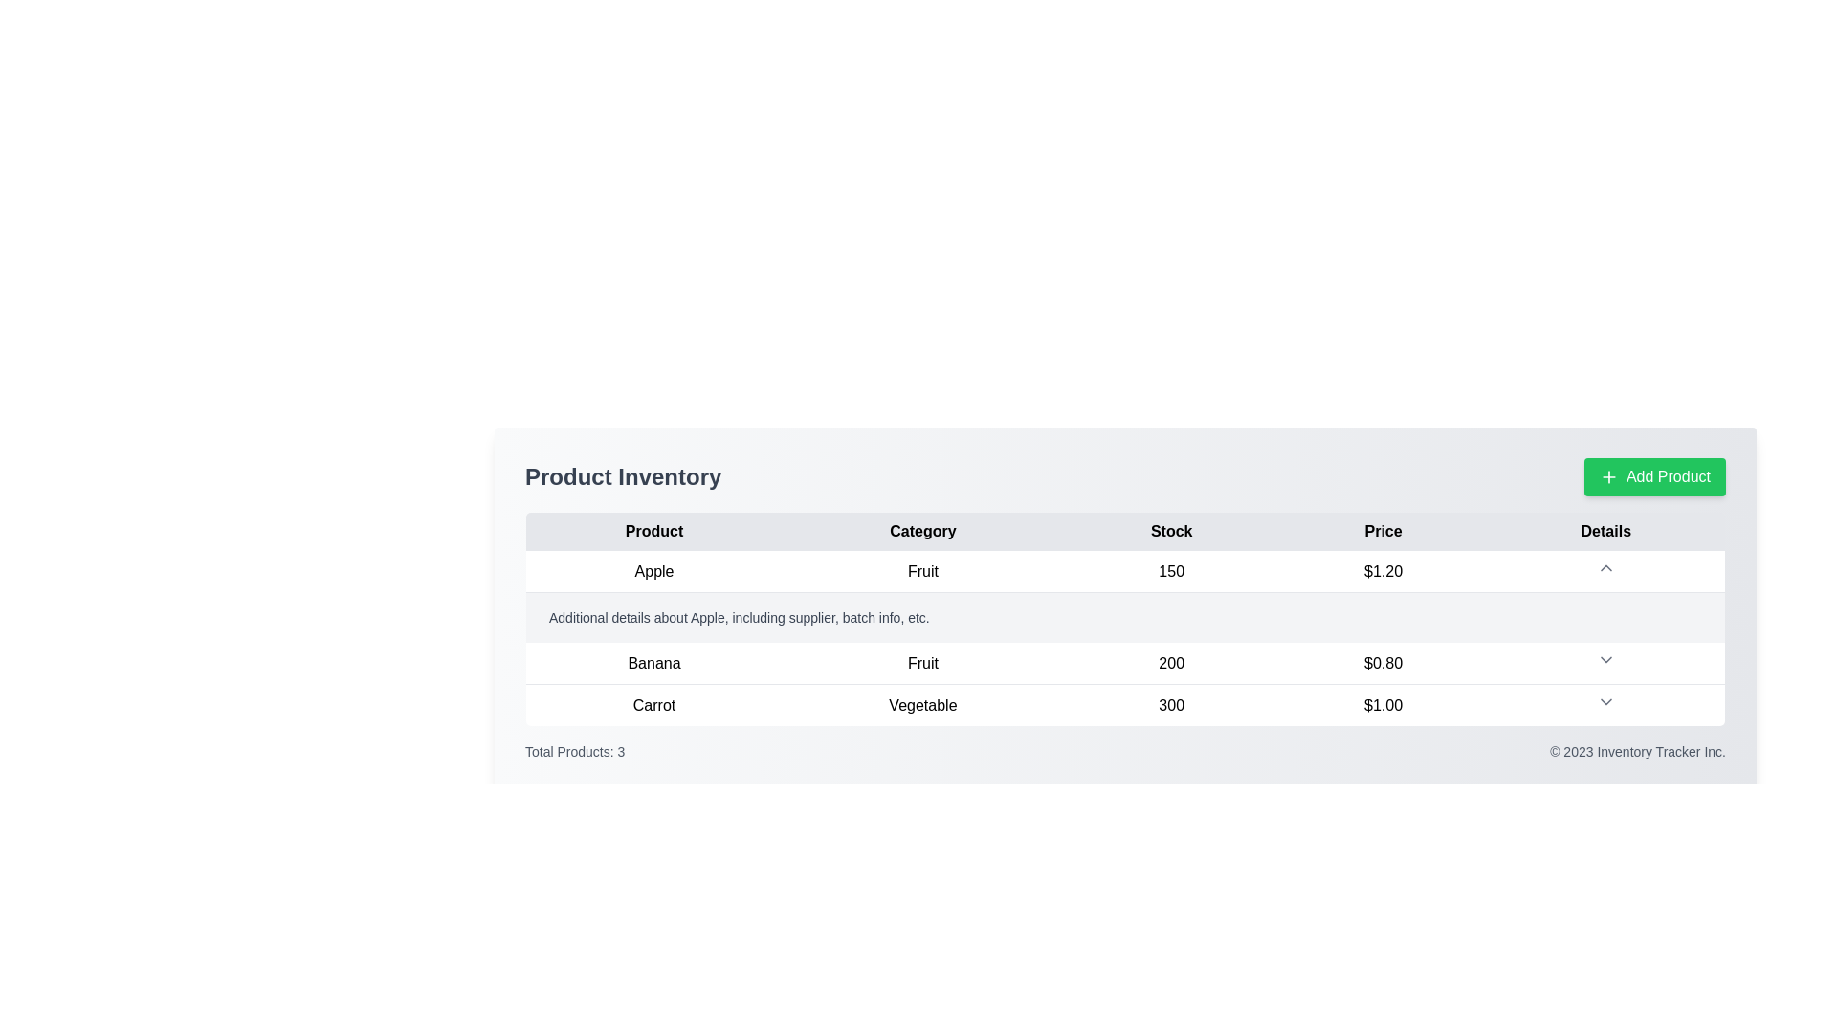  What do you see at coordinates (922, 570) in the screenshot?
I see `the text label displaying 'Fruit' located under the 'Category' column in the table layout` at bounding box center [922, 570].